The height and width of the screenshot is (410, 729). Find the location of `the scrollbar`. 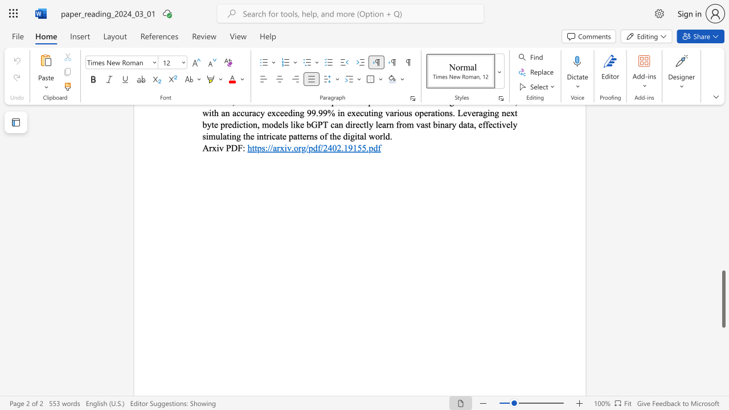

the scrollbar is located at coordinates (723, 181).